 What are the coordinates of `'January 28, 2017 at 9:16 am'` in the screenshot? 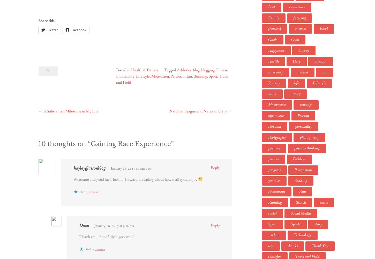 It's located at (114, 226).